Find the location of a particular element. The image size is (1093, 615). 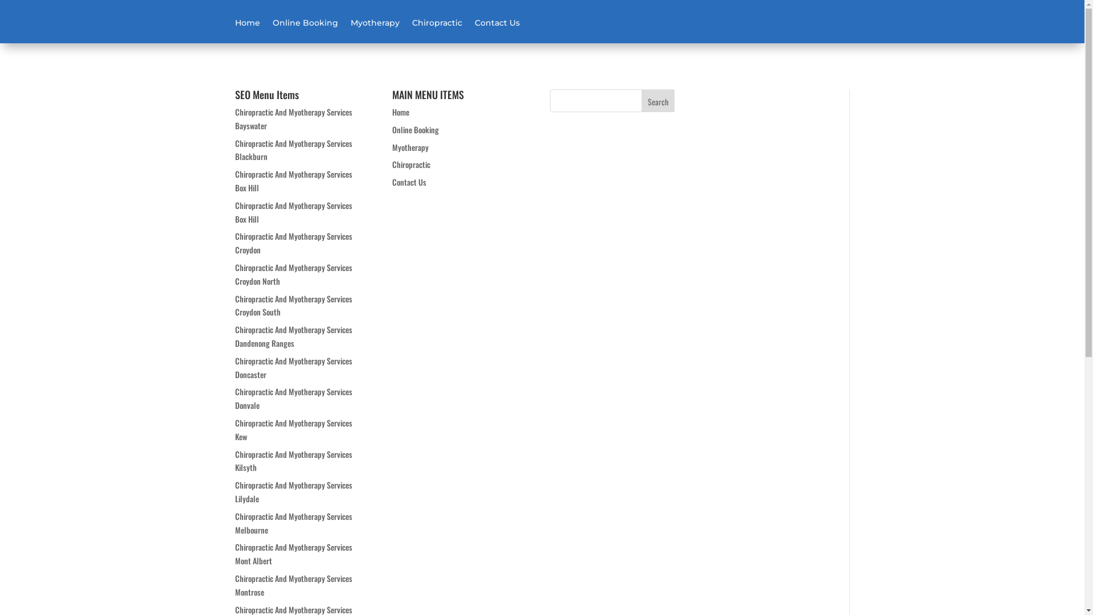

'Chiropractic And Myotherapy Services Bayswater' is located at coordinates (234, 118).